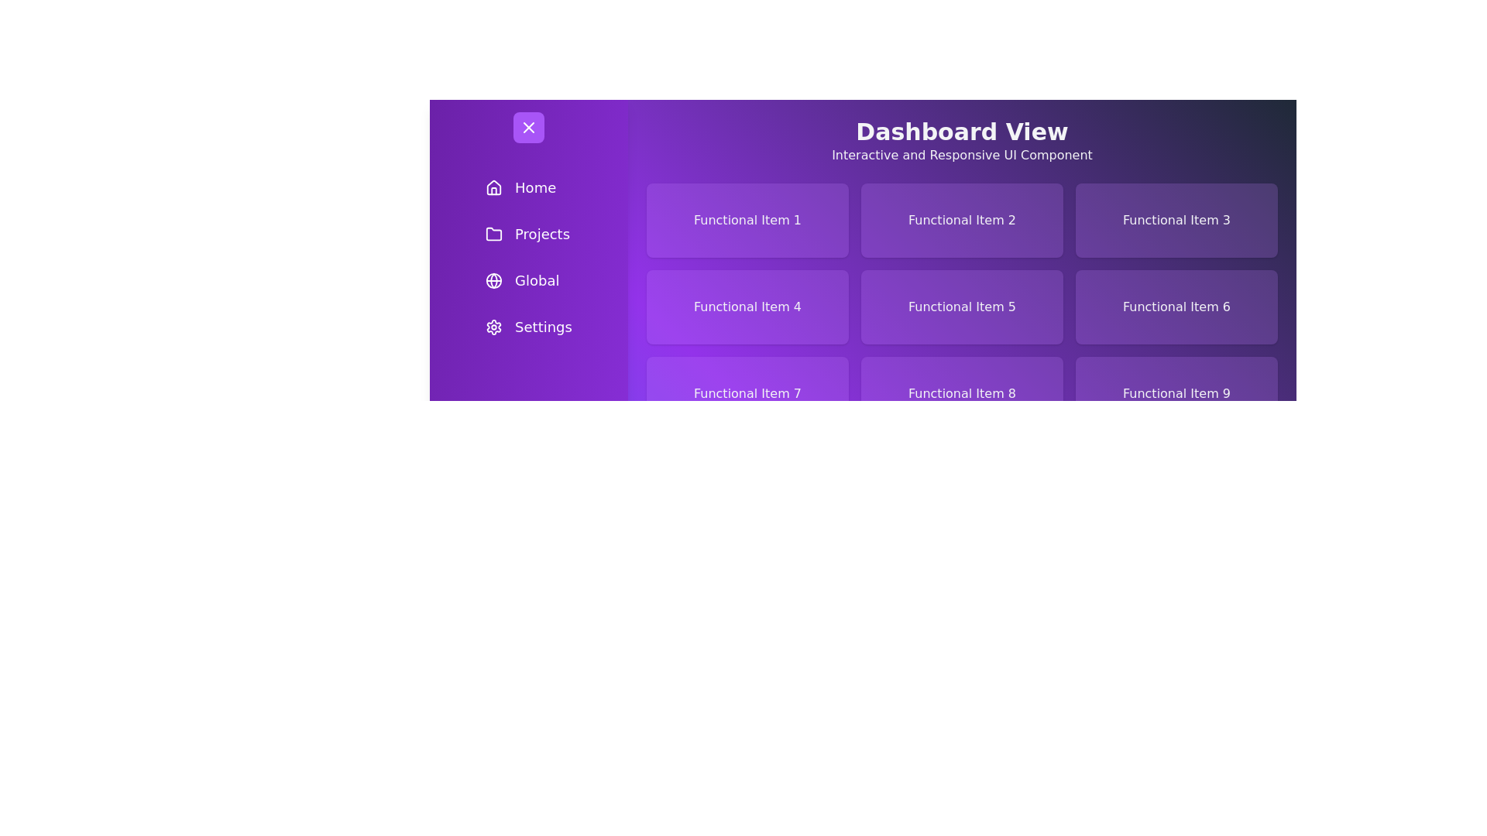 Image resolution: width=1487 pixels, height=836 pixels. What do you see at coordinates (528, 327) in the screenshot?
I see `the menu item labeled Settings to navigate` at bounding box center [528, 327].